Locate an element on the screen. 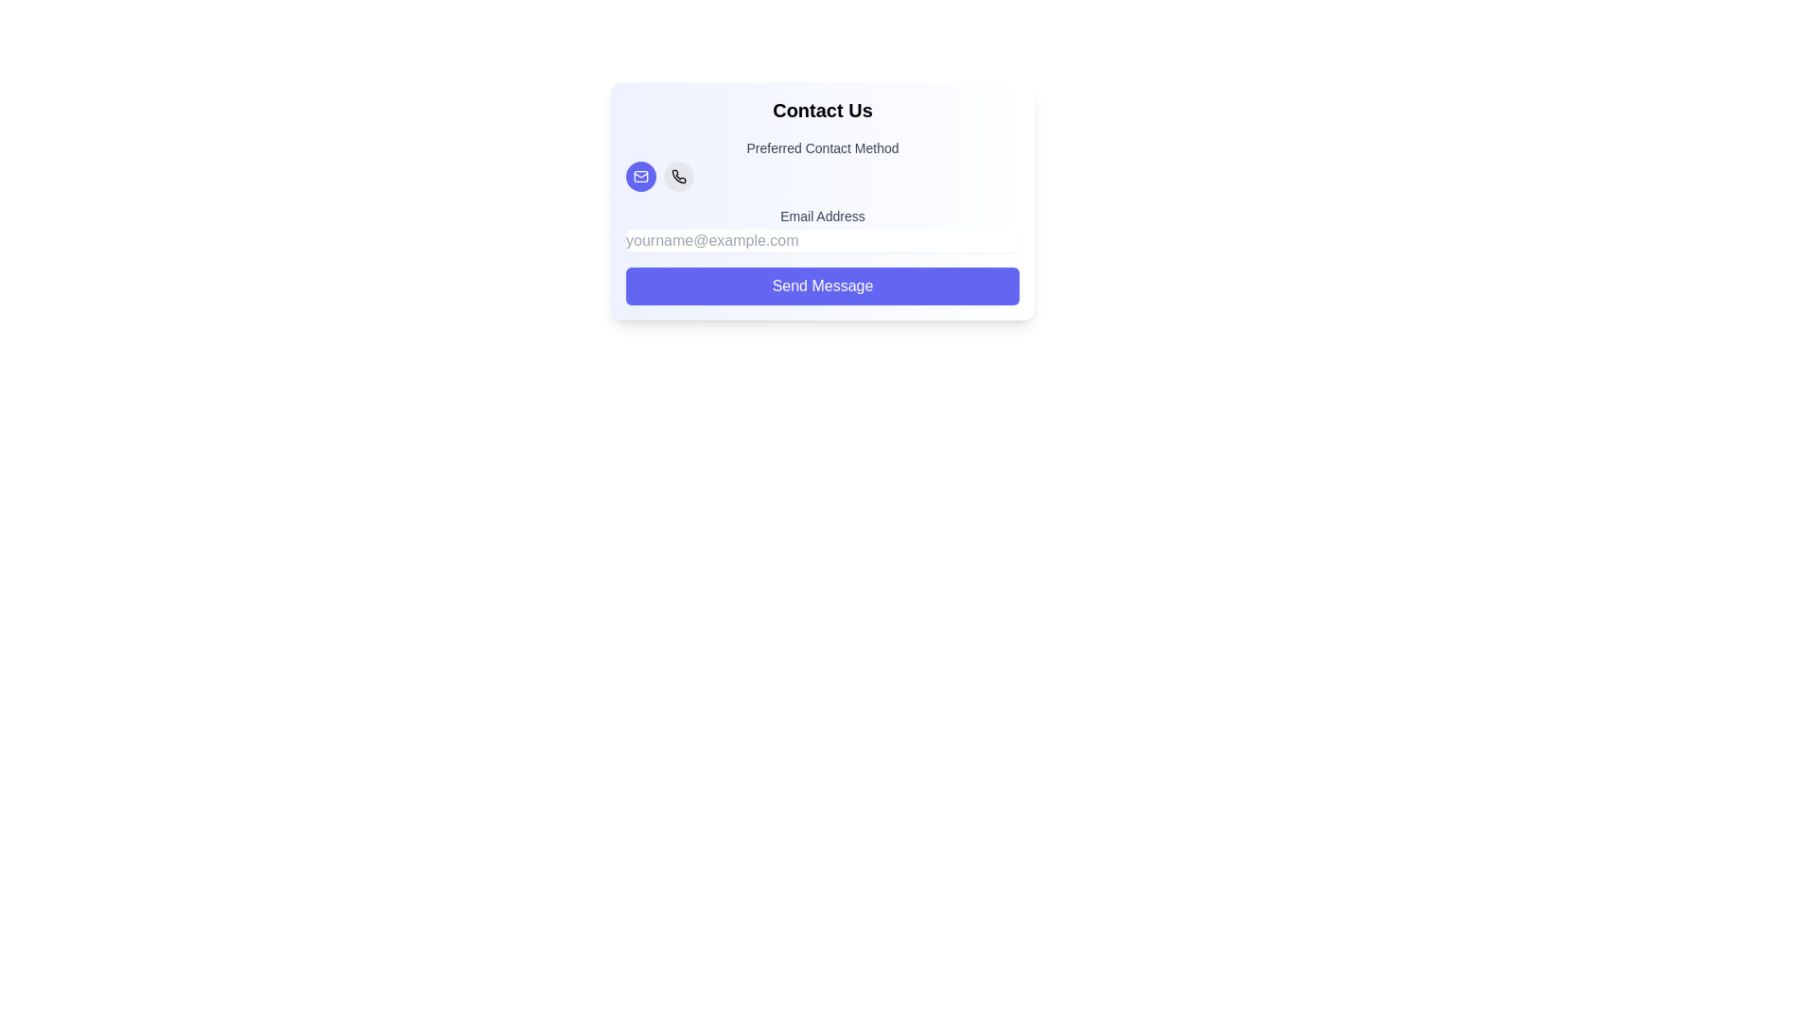 The image size is (1816, 1021). the envelope icon representing the email option in the upper-left corner of the 'Preferred Contact Method' section is located at coordinates (640, 176).